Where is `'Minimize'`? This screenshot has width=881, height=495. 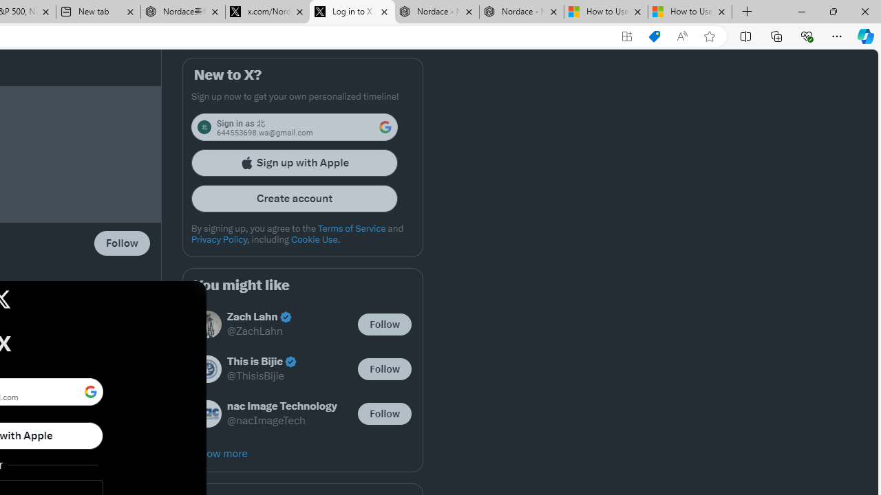 'Minimize' is located at coordinates (801, 11).